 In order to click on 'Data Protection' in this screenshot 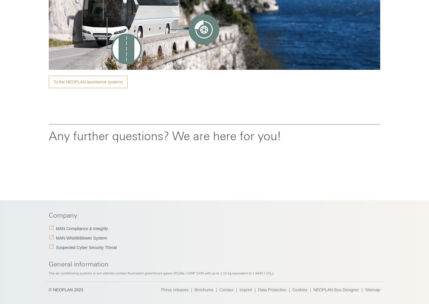, I will do `click(272, 289)`.